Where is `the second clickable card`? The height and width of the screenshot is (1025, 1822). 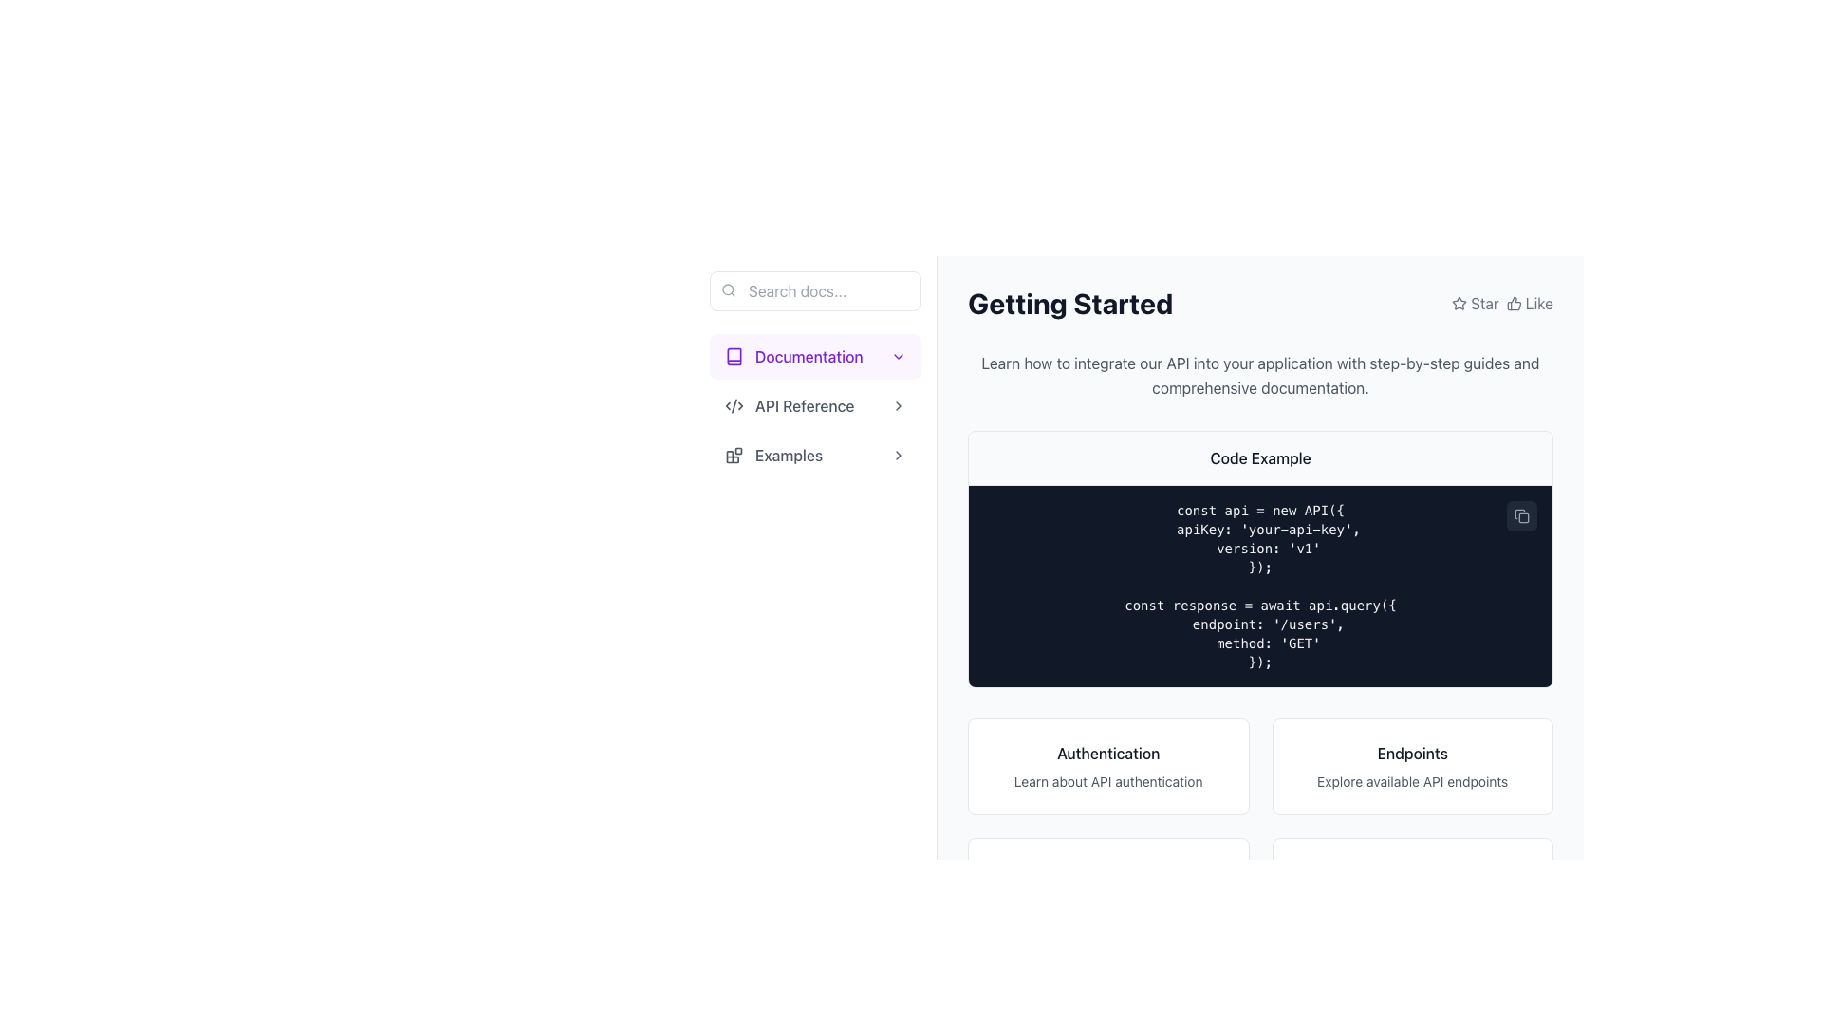
the second clickable card is located at coordinates (1412, 765).